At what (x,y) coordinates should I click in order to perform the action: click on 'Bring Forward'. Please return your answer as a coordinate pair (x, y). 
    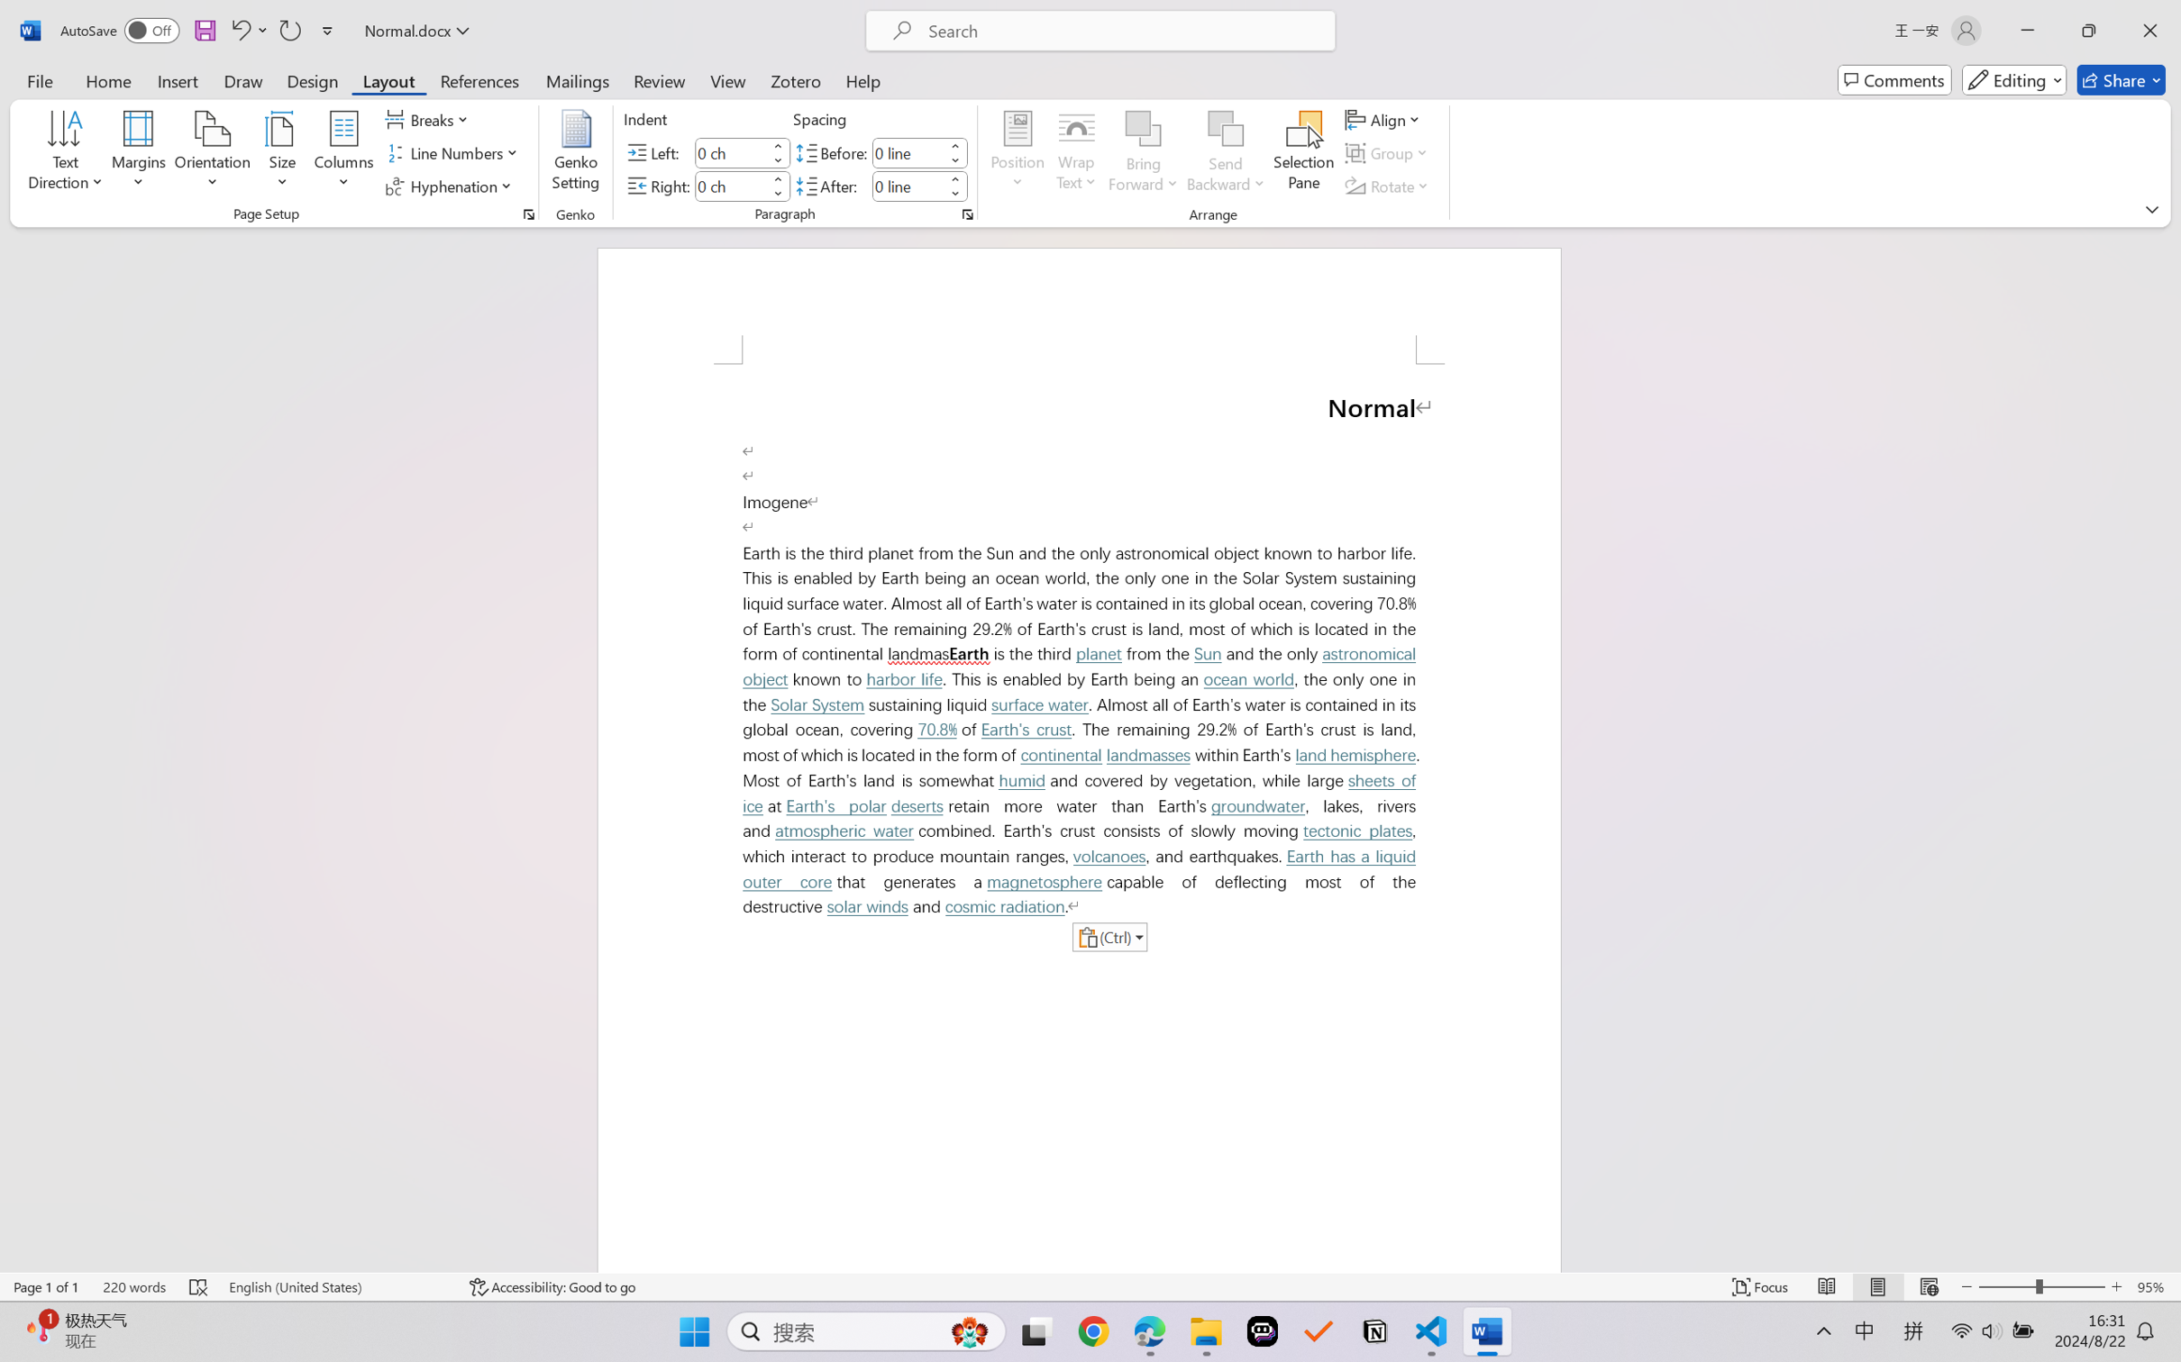
    Looking at the image, I should click on (1144, 153).